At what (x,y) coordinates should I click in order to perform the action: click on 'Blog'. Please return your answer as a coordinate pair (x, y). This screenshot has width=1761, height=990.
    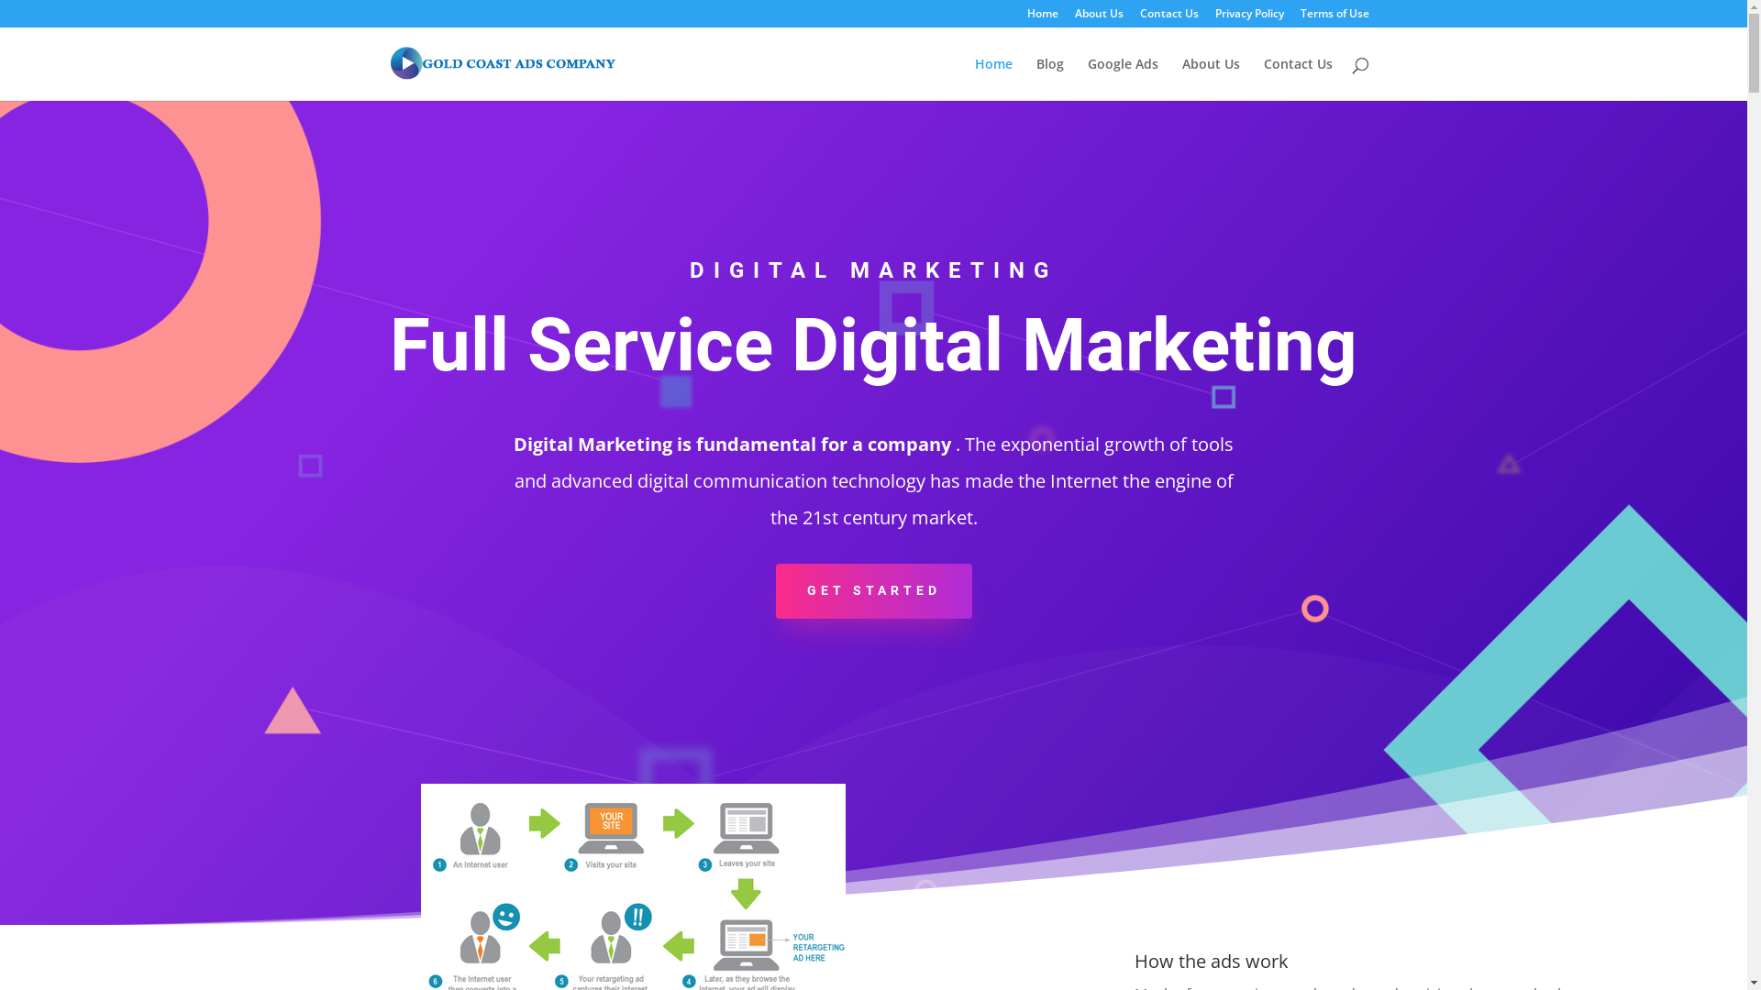
    Looking at the image, I should click on (1050, 78).